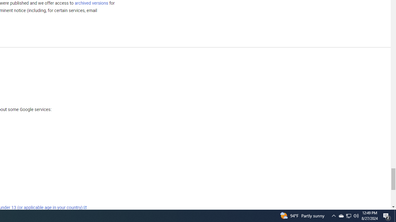 This screenshot has height=222, width=396. What do you see at coordinates (91, 3) in the screenshot?
I see `'archived versions'` at bounding box center [91, 3].